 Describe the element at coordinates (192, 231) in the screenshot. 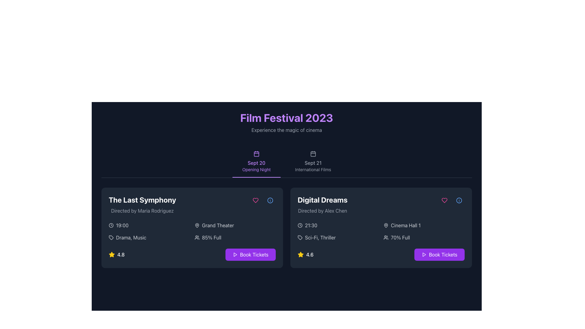

I see `the informational display section in the lower part of 'The Last Symphony' section` at that location.